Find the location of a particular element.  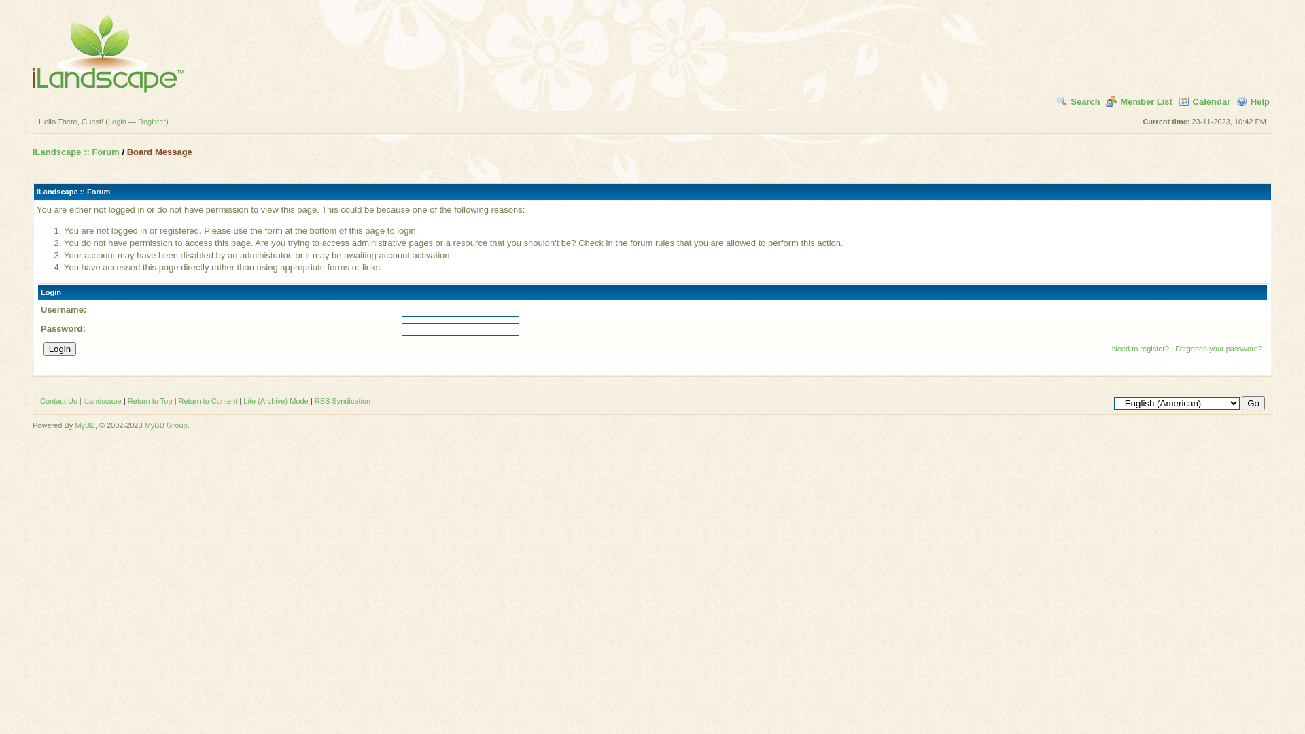

'Forgotten your password?' is located at coordinates (1219, 348).